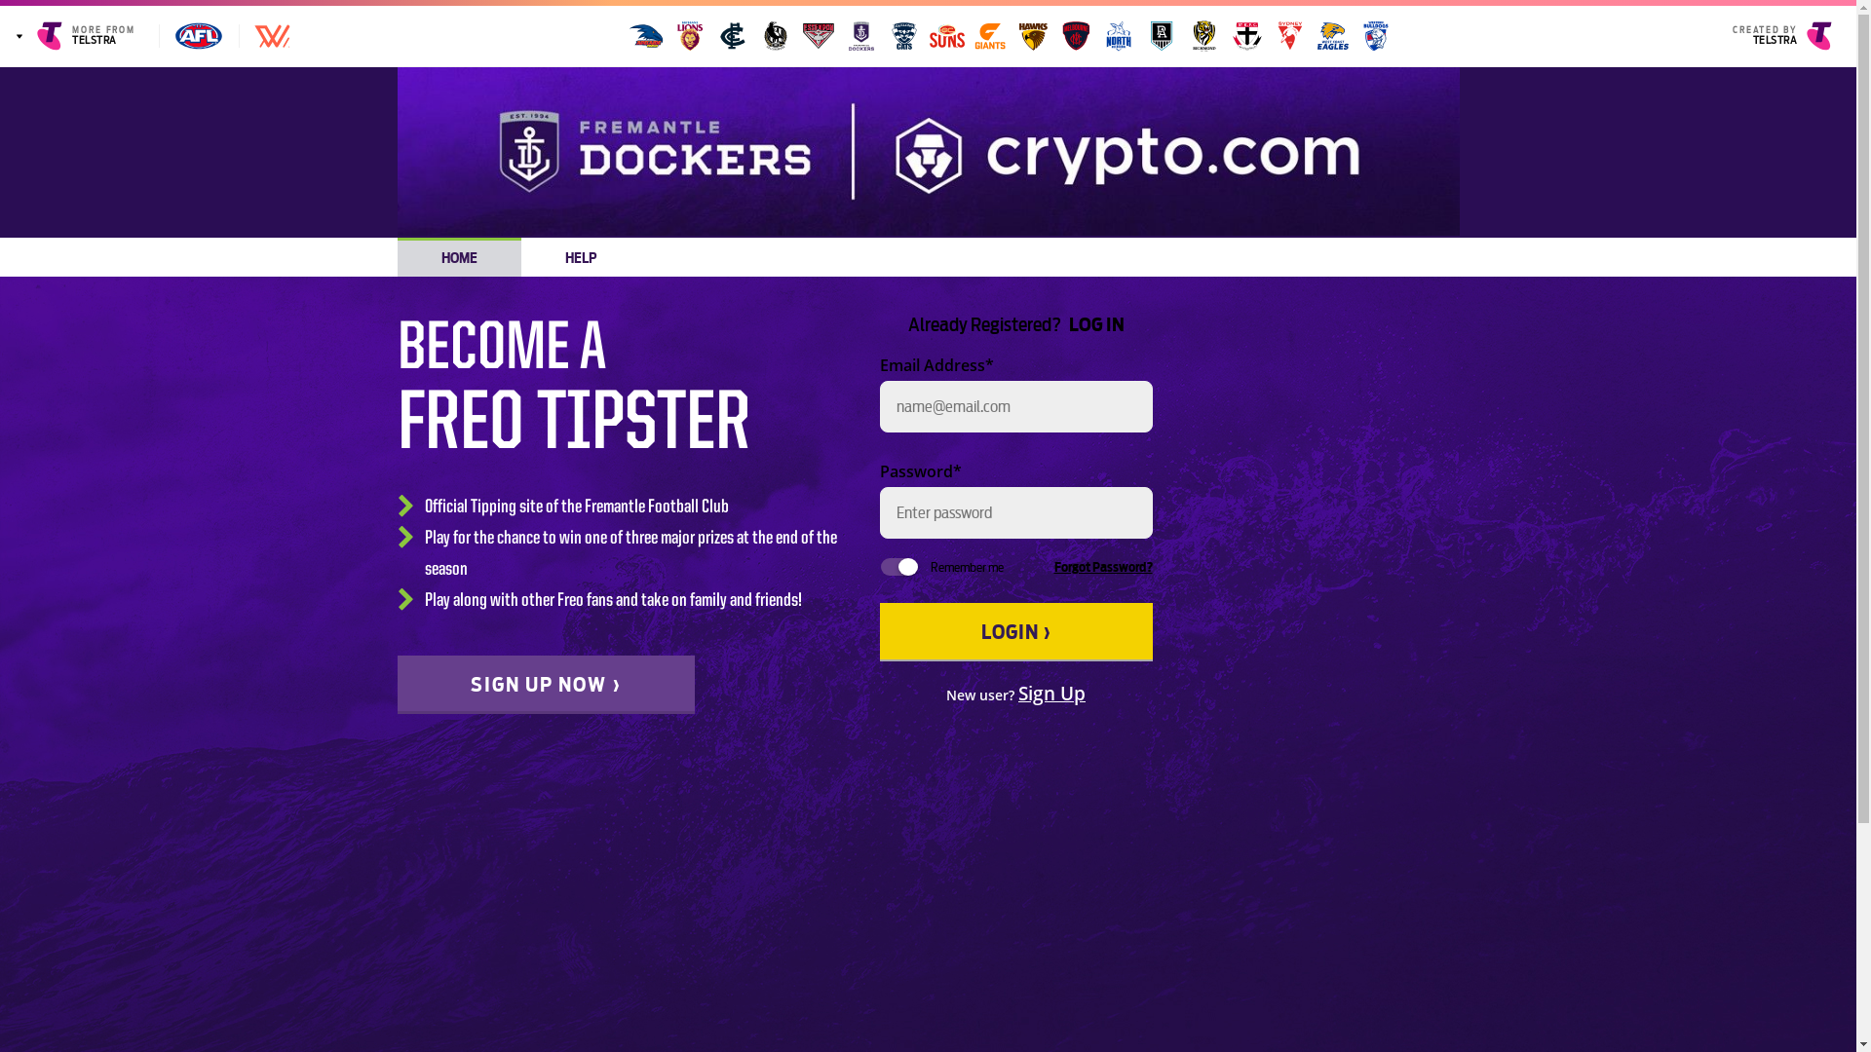 The height and width of the screenshot is (1052, 1871). What do you see at coordinates (579, 255) in the screenshot?
I see `'HELP'` at bounding box center [579, 255].